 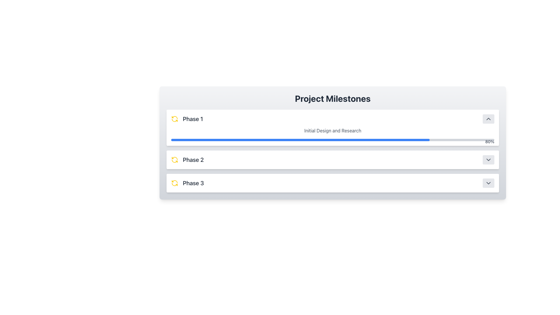 I want to click on the Static Text labeled 'Phase 3', which is the last item in a vertical list of project milestone phases, so click(x=193, y=183).